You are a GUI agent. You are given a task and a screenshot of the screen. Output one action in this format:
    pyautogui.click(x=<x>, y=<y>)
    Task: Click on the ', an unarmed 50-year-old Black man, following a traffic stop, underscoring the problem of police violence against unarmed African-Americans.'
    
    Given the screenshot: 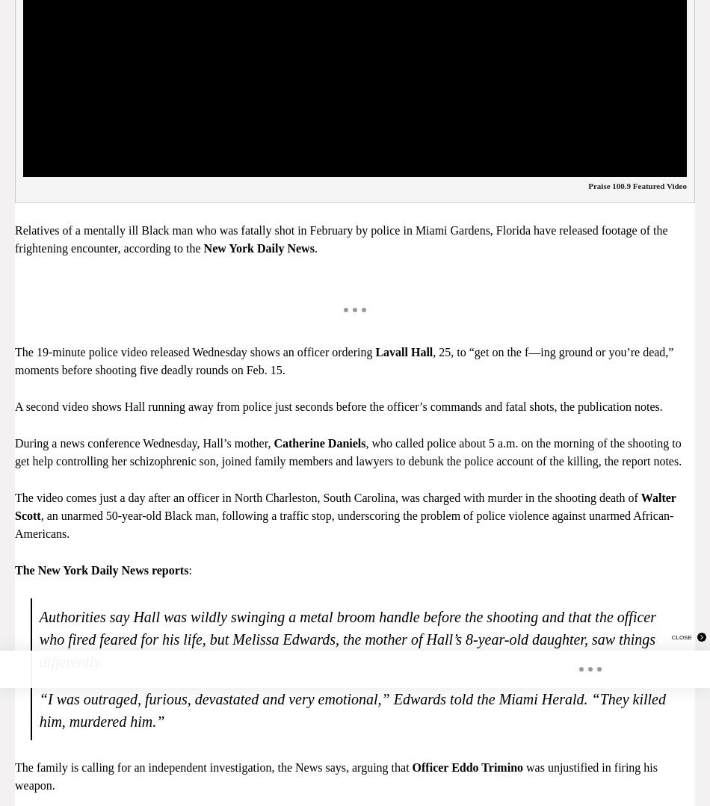 What is the action you would take?
    pyautogui.click(x=343, y=524)
    